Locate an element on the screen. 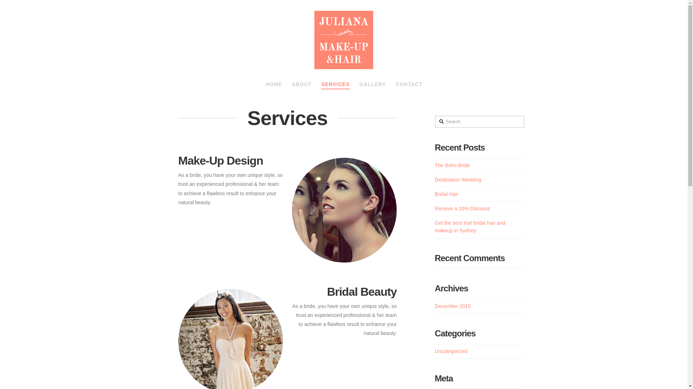 This screenshot has height=389, width=693. 'Receive a 10% Discount' is located at coordinates (462, 208).